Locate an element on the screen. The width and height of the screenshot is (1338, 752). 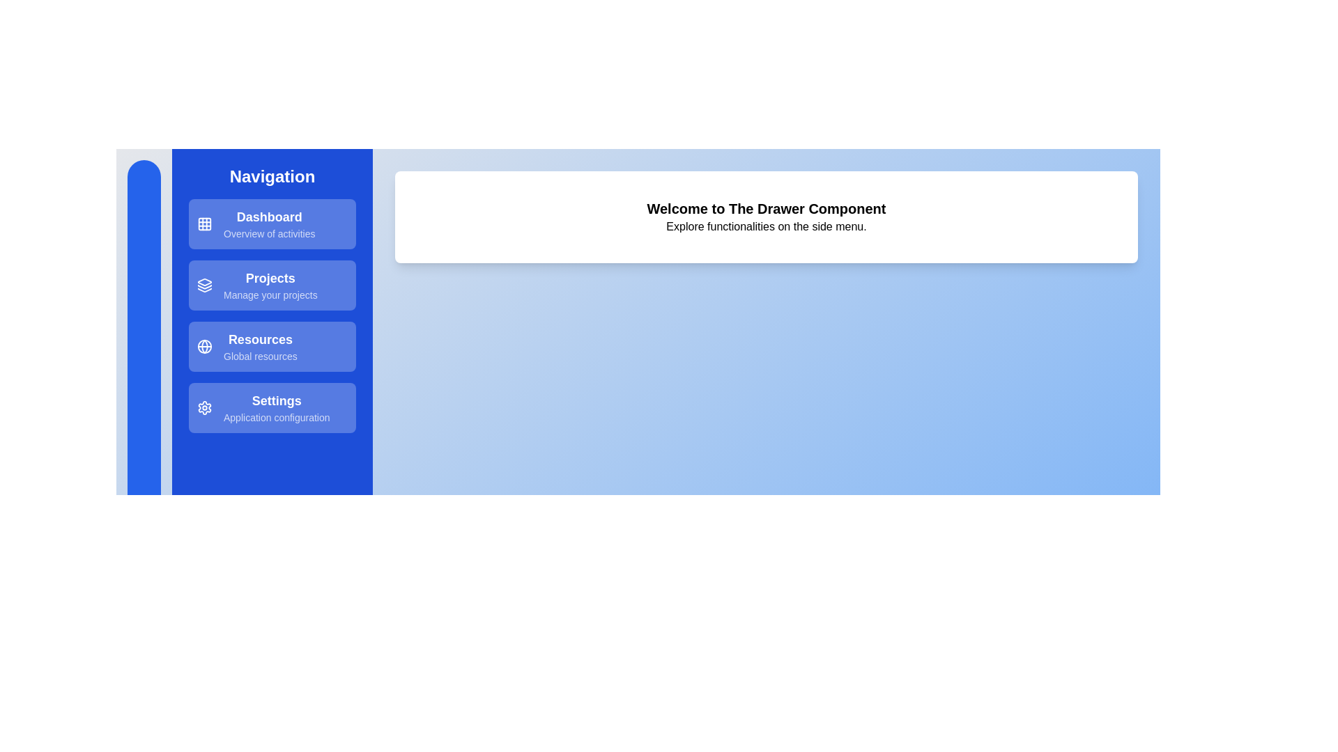
the navigation option Projects is located at coordinates (272, 284).